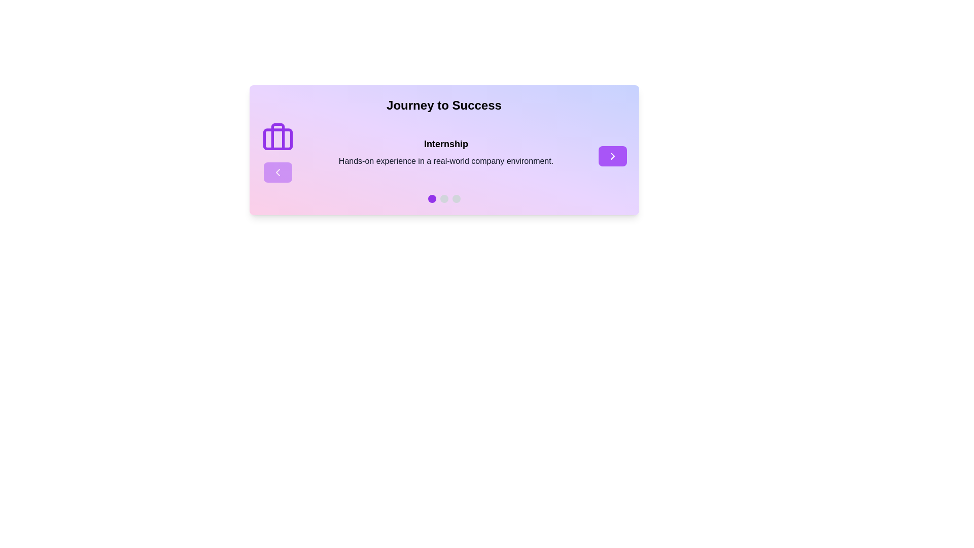  I want to click on the text element displaying 'Hands-on experience in a real-world company environment.' which is positioned beneath the heading 'Internship.', so click(446, 160).